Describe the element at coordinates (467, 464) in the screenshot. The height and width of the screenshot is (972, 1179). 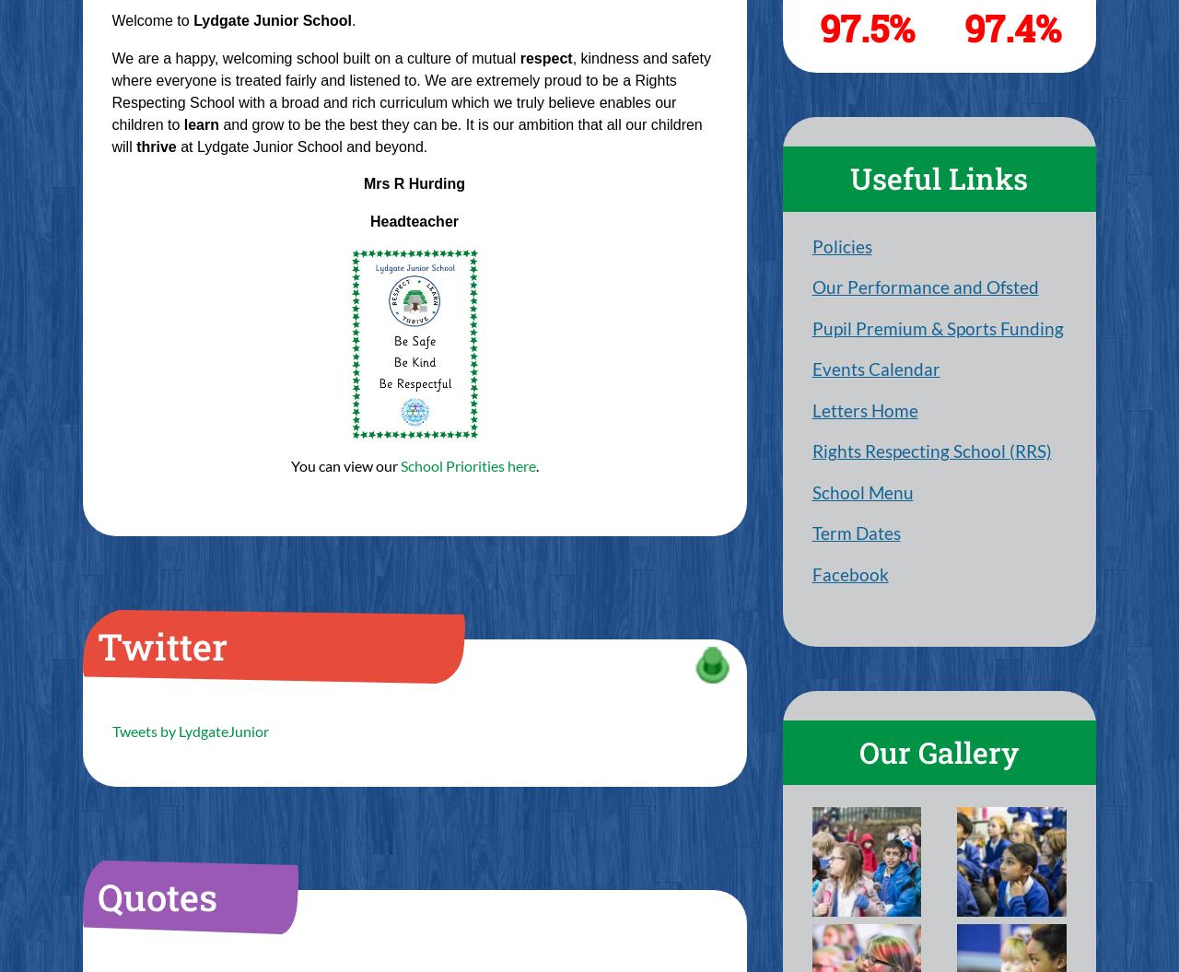
I see `'School Priorities here'` at that location.